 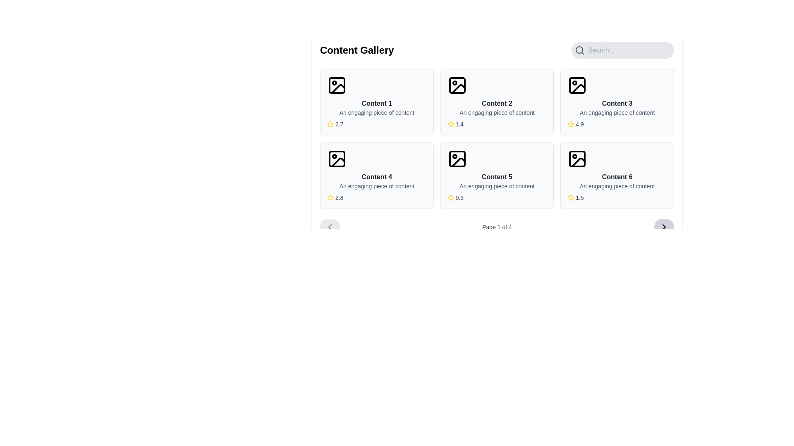 I want to click on the text display element that shows 'Page 1 of 4', which is styled in a small gray font and located at the bottom of the page, horizontally centered in the control bar, so click(x=496, y=227).